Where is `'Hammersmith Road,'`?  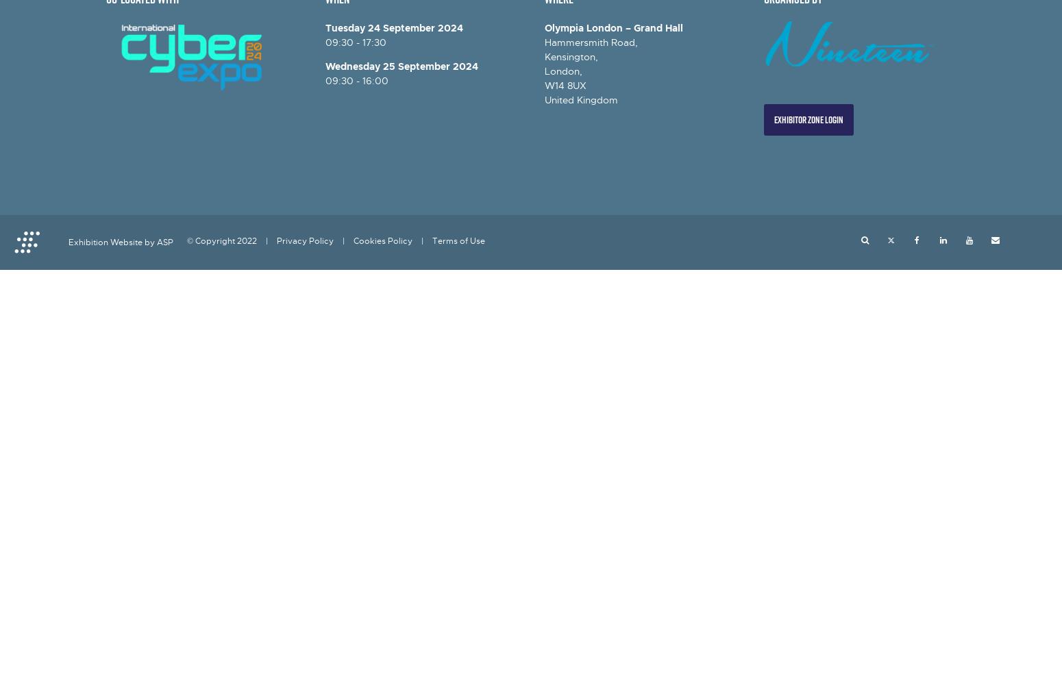
'Hammersmith Road,' is located at coordinates (591, 42).